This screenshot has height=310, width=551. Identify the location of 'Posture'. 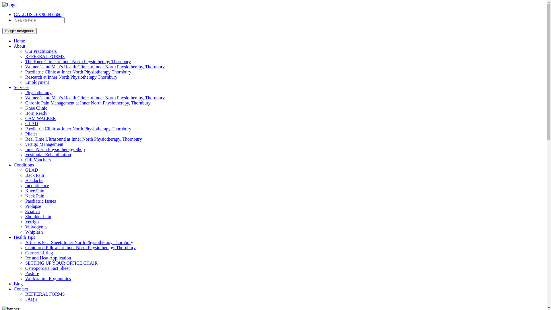
(32, 273).